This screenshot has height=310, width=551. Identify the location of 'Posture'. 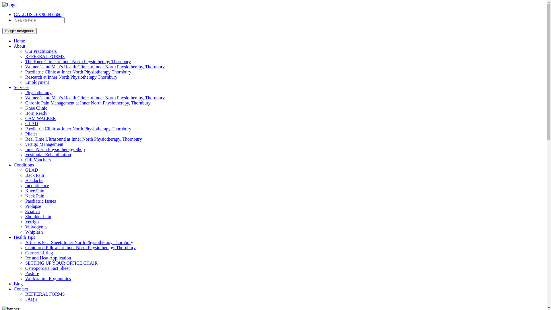
(32, 273).